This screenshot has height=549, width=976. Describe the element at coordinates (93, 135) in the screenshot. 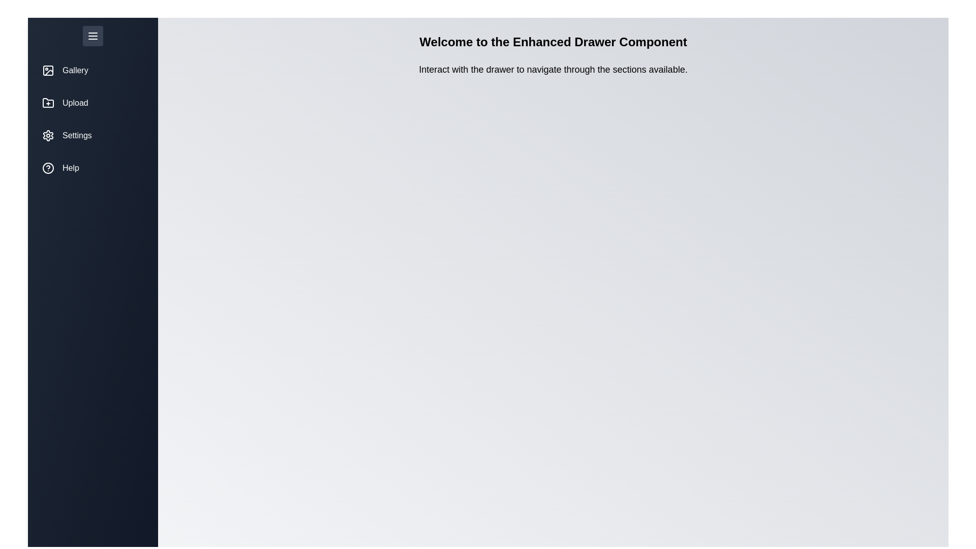

I see `the 'Settings' section in the drawer` at that location.